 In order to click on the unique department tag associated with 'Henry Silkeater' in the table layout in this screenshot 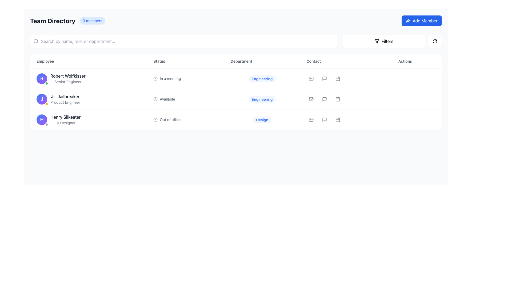, I will do `click(262, 119)`.